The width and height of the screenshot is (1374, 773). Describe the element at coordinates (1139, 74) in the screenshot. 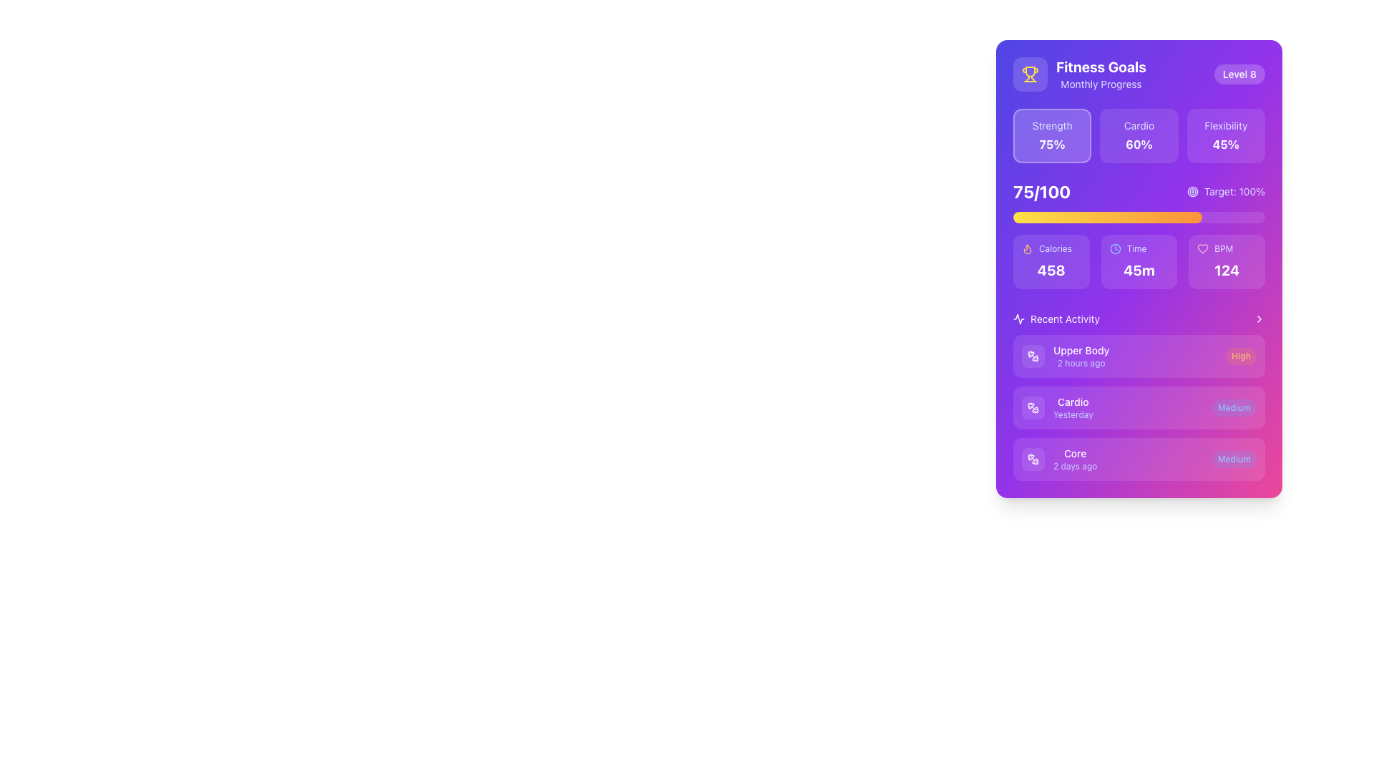

I see `displayed information from the Fitness Goals header section which includes the title, subtitle, and associated icons, located at the top of the card component` at that location.